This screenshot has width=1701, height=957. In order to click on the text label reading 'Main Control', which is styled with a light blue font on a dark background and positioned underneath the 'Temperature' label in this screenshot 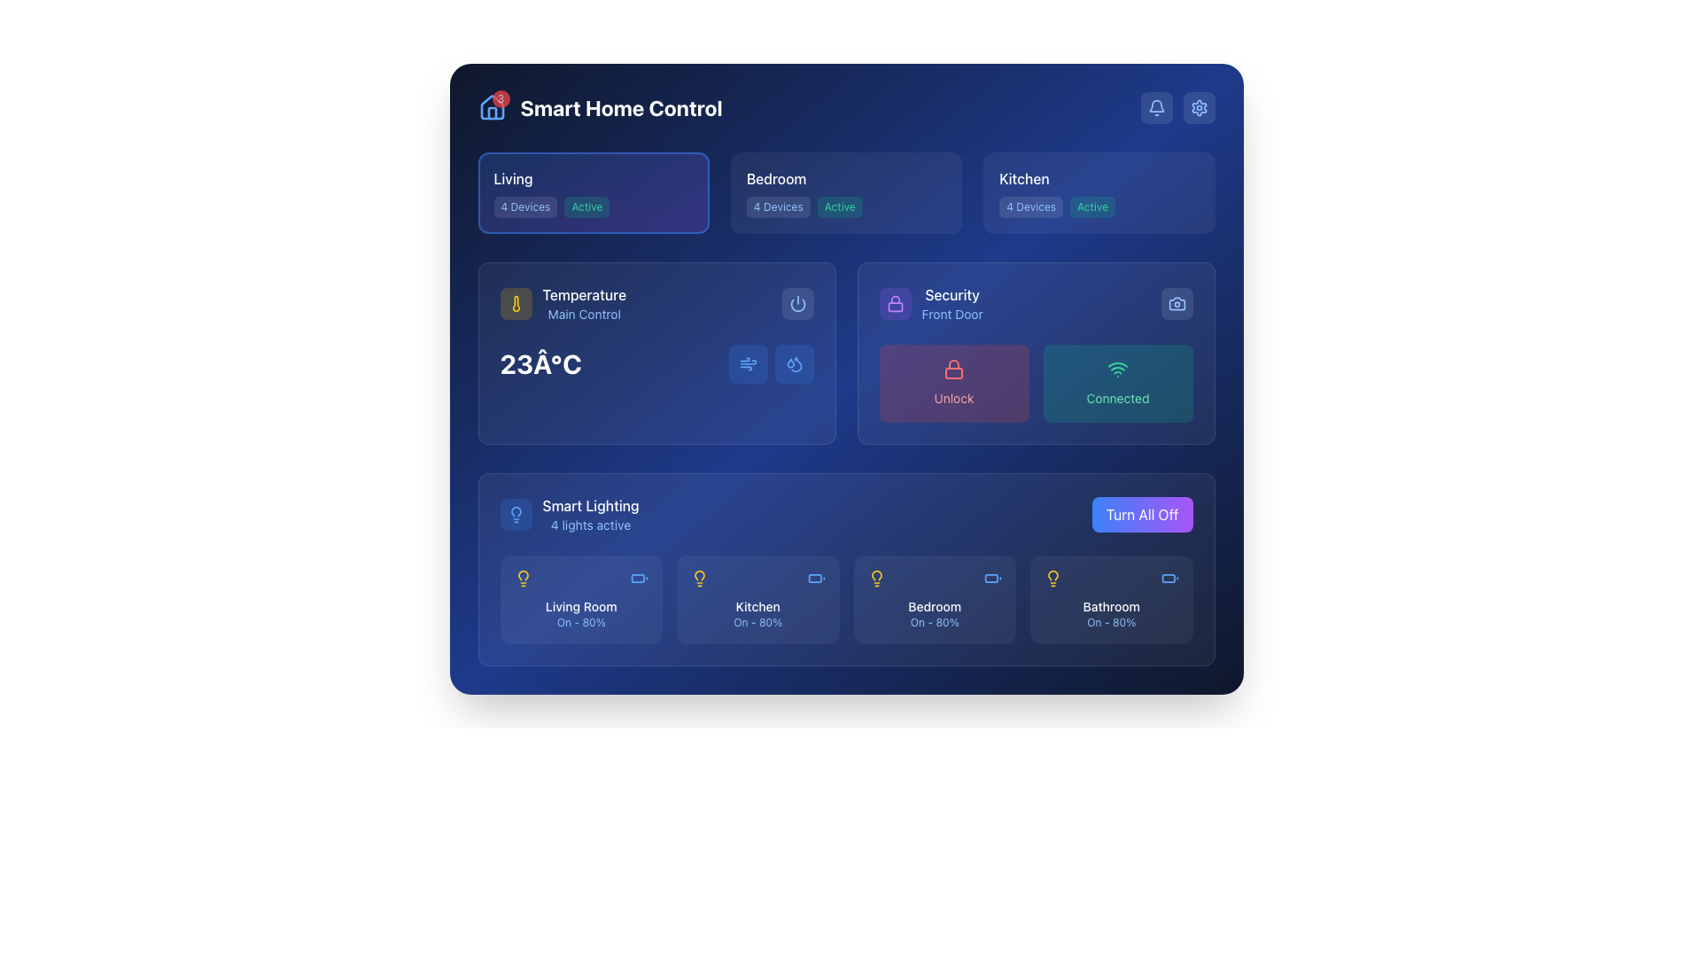, I will do `click(584, 313)`.